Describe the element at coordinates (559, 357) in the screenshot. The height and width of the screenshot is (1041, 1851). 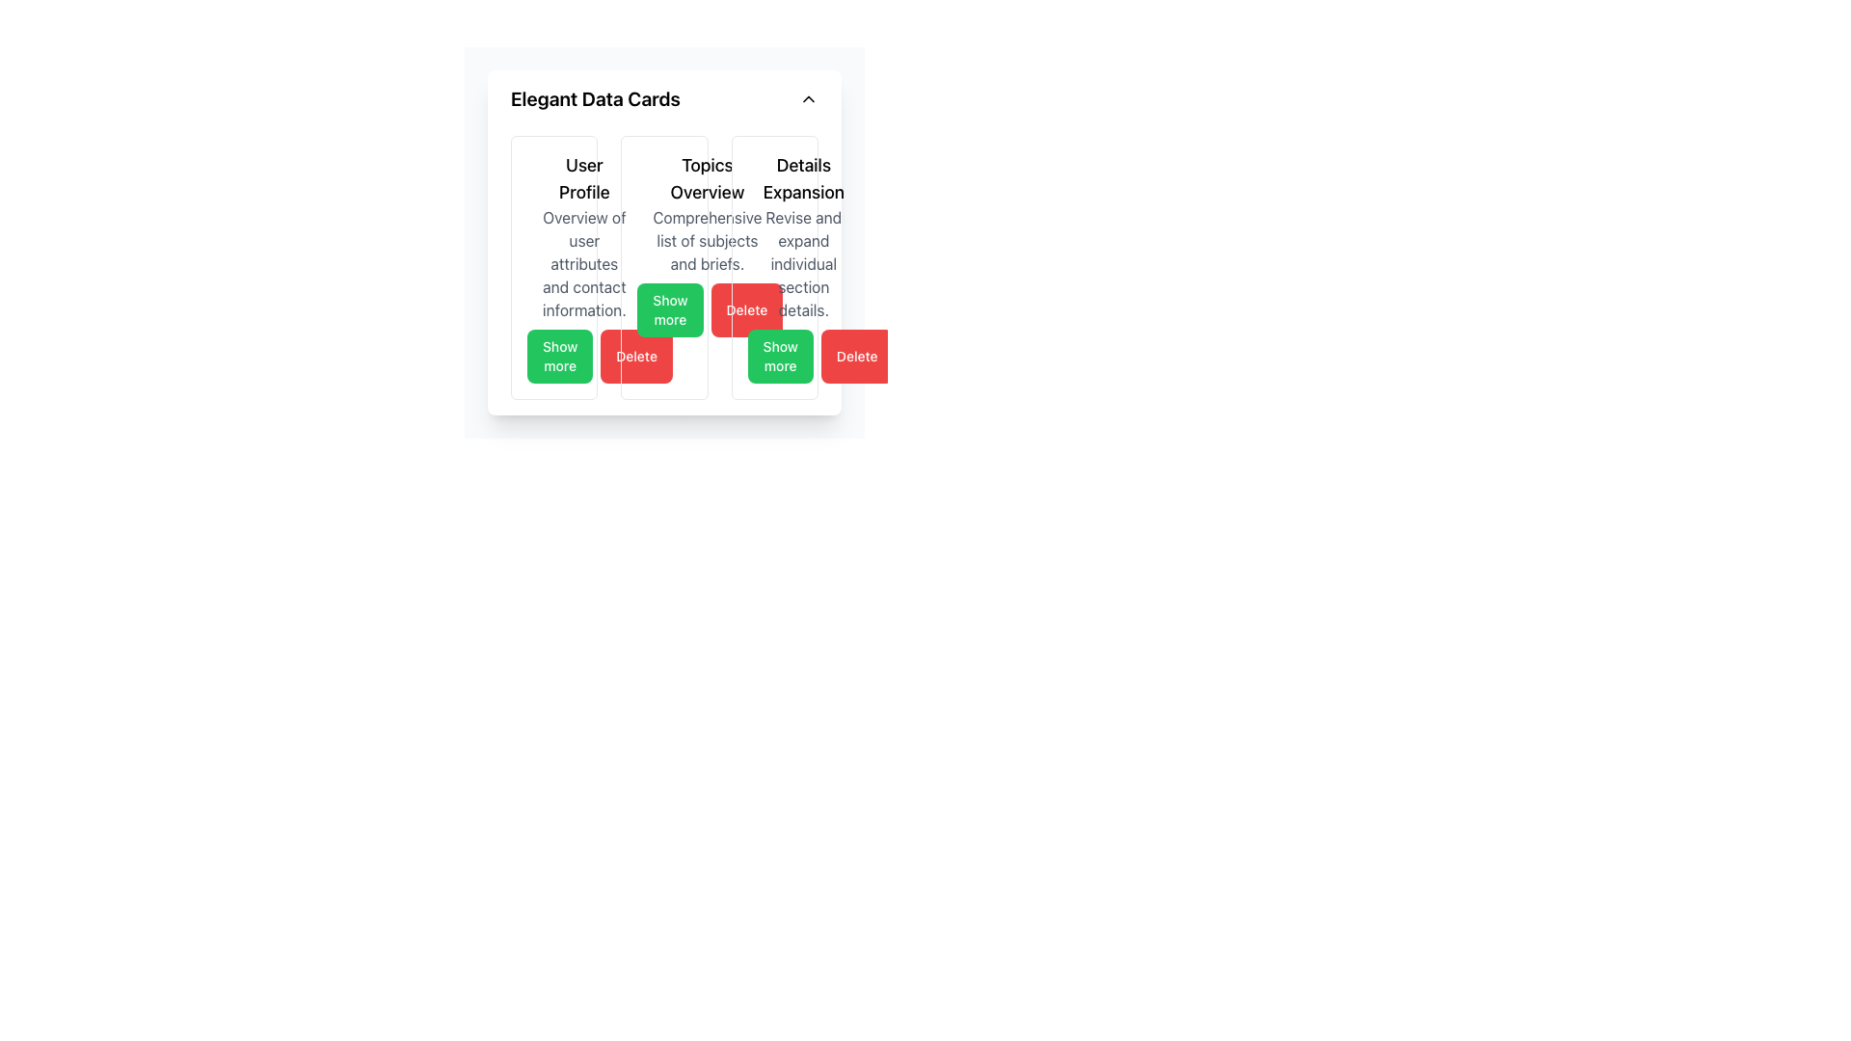
I see `the green 'Show more' button located at the lower section of the 'User Profile' card, which is the first button in a pair of action buttons` at that location.